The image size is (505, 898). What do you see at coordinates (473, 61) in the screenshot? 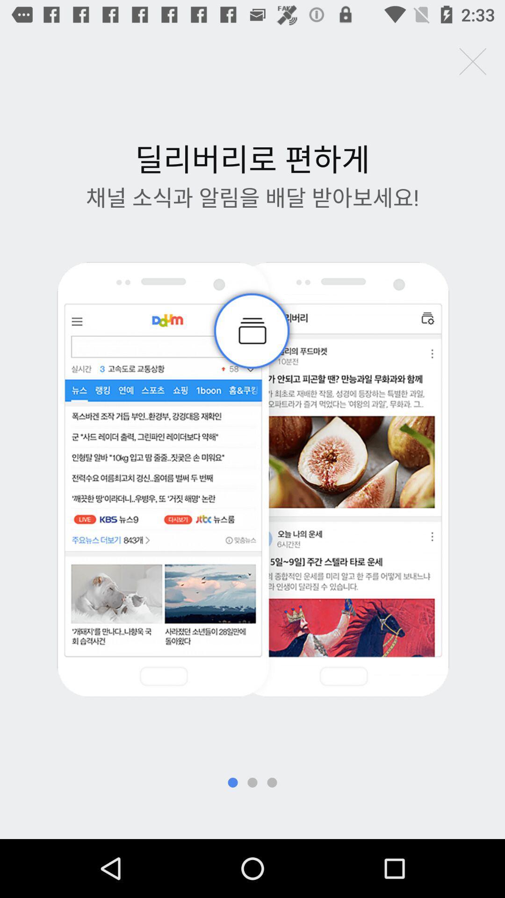
I see `the close icon` at bounding box center [473, 61].